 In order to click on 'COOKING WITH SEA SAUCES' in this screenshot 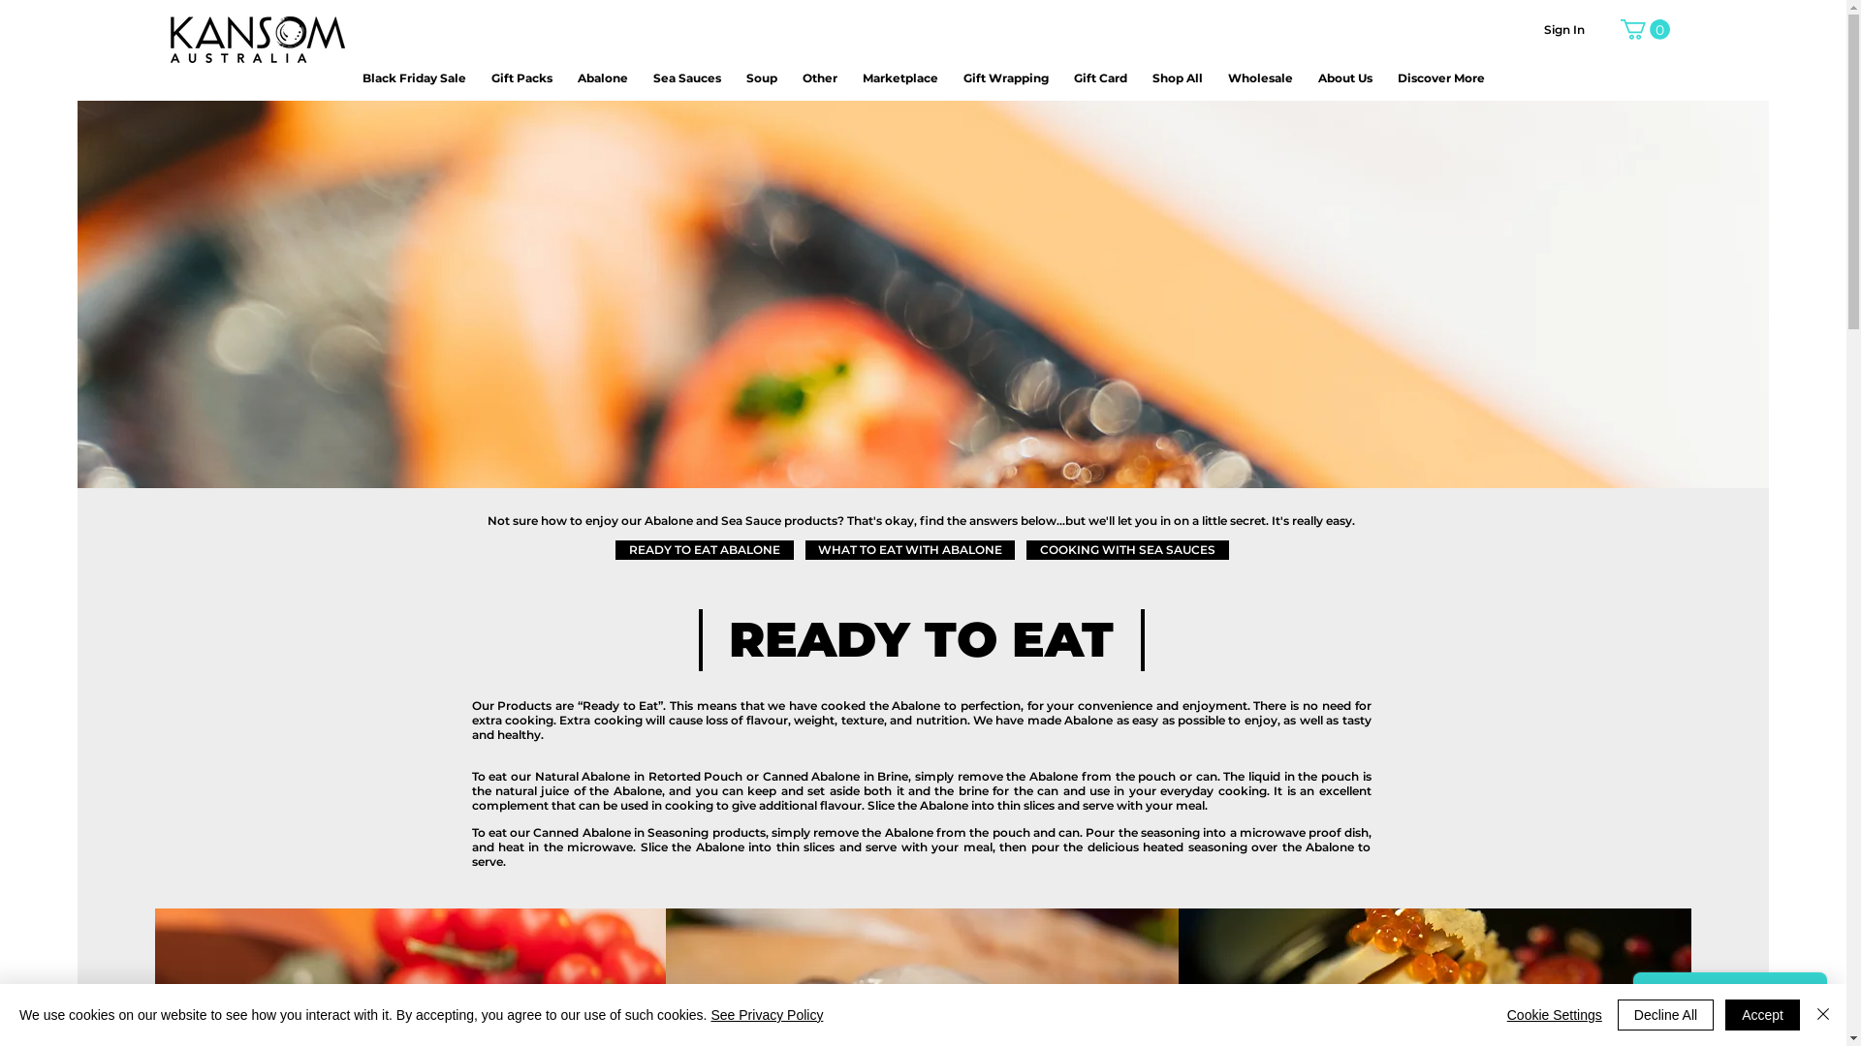, I will do `click(1024, 549)`.